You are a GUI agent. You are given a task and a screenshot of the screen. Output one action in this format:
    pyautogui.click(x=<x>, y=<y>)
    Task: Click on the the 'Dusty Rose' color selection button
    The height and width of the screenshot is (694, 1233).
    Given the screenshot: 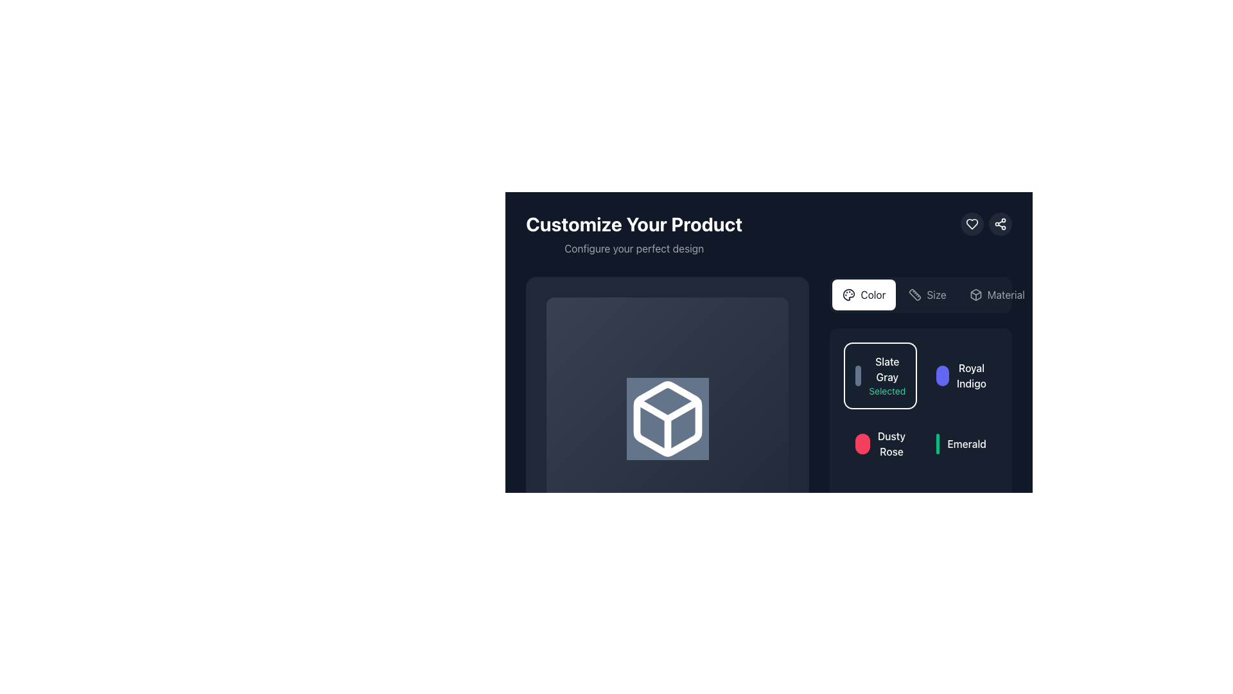 What is the action you would take?
    pyautogui.click(x=880, y=443)
    